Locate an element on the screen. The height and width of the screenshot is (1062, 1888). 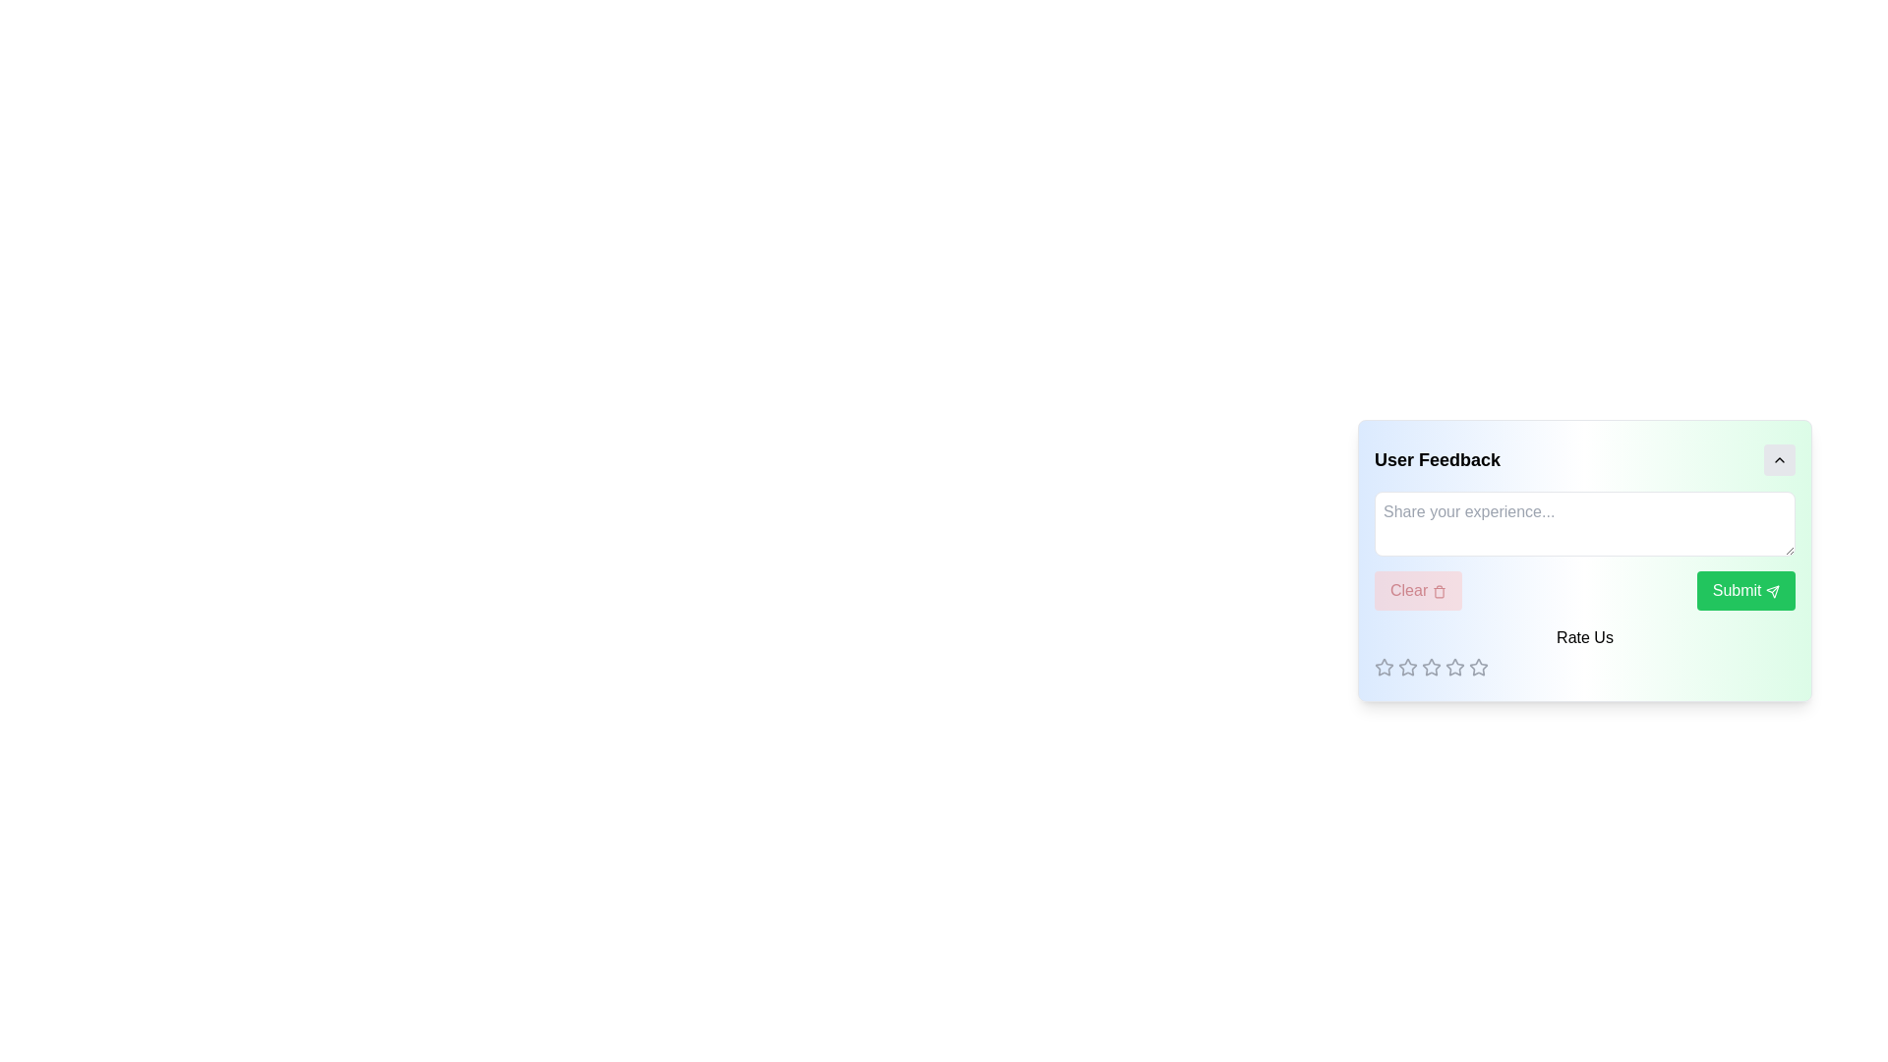
the 'Rate Us' text label, which is bold, centrally aligned, and positioned above the star icons for rating is located at coordinates (1585, 637).